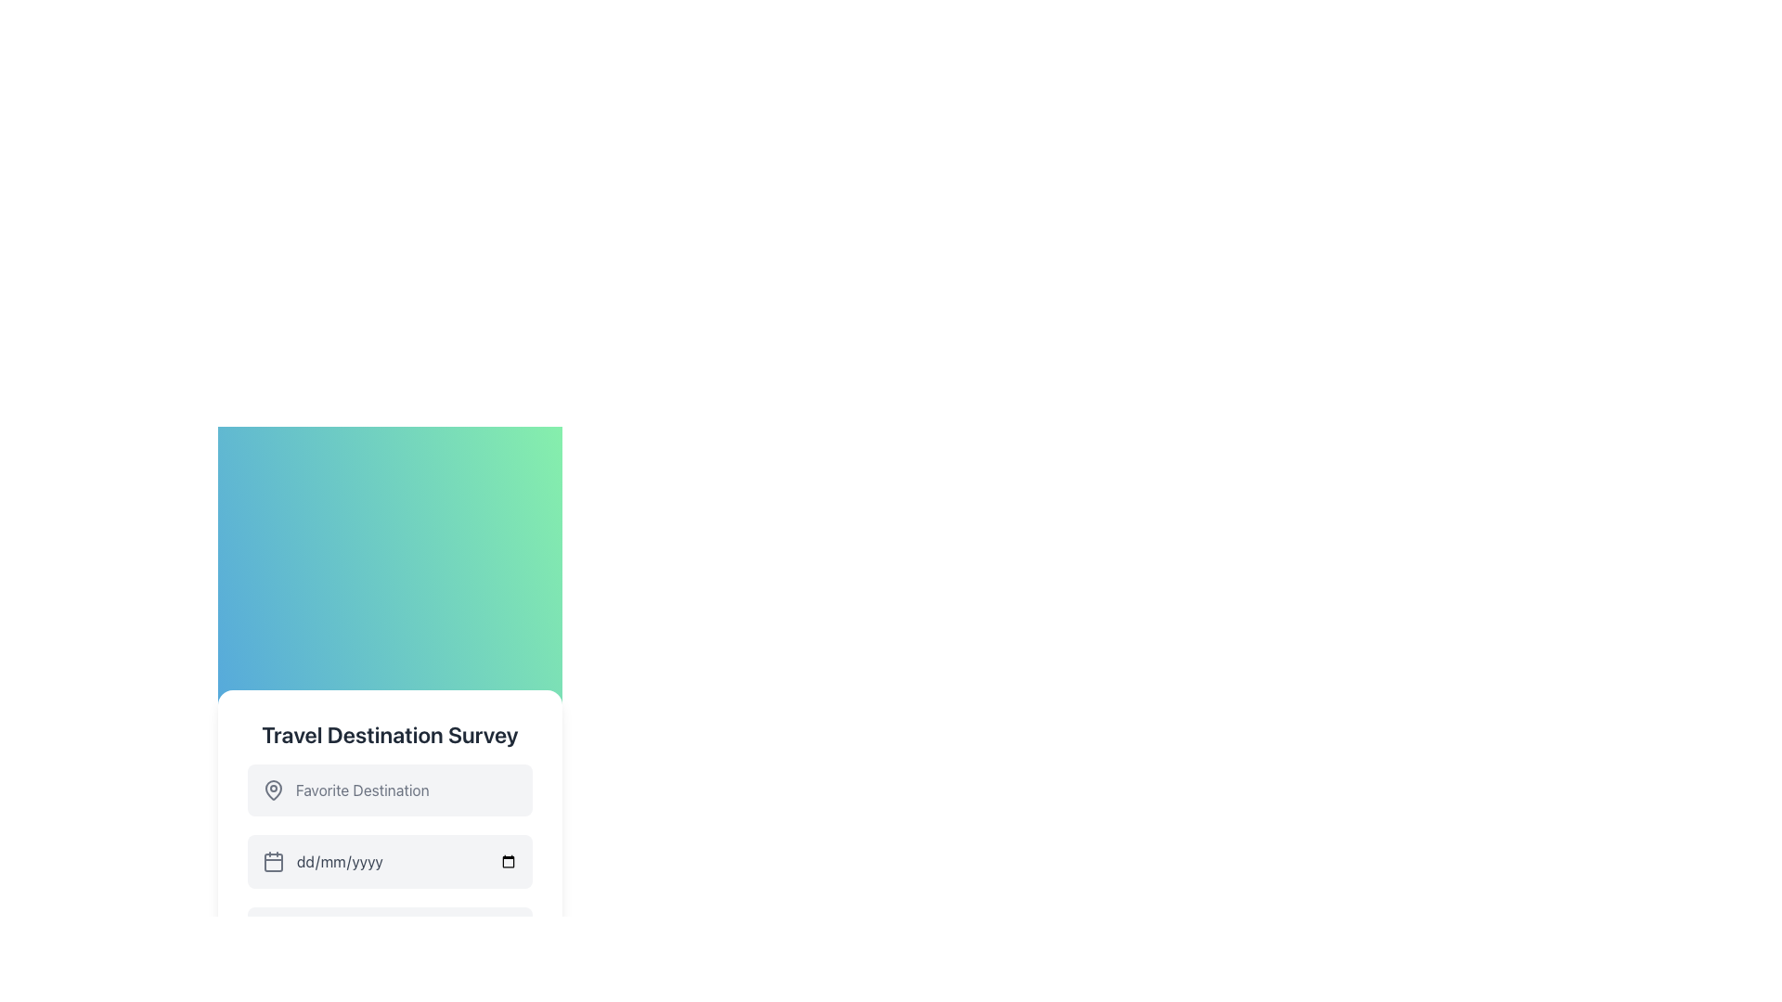 This screenshot has width=1782, height=1002. Describe the element at coordinates (272, 790) in the screenshot. I see `the decorative component of the map pin icon located near the top-left within a subsection of a form-like interface` at that location.